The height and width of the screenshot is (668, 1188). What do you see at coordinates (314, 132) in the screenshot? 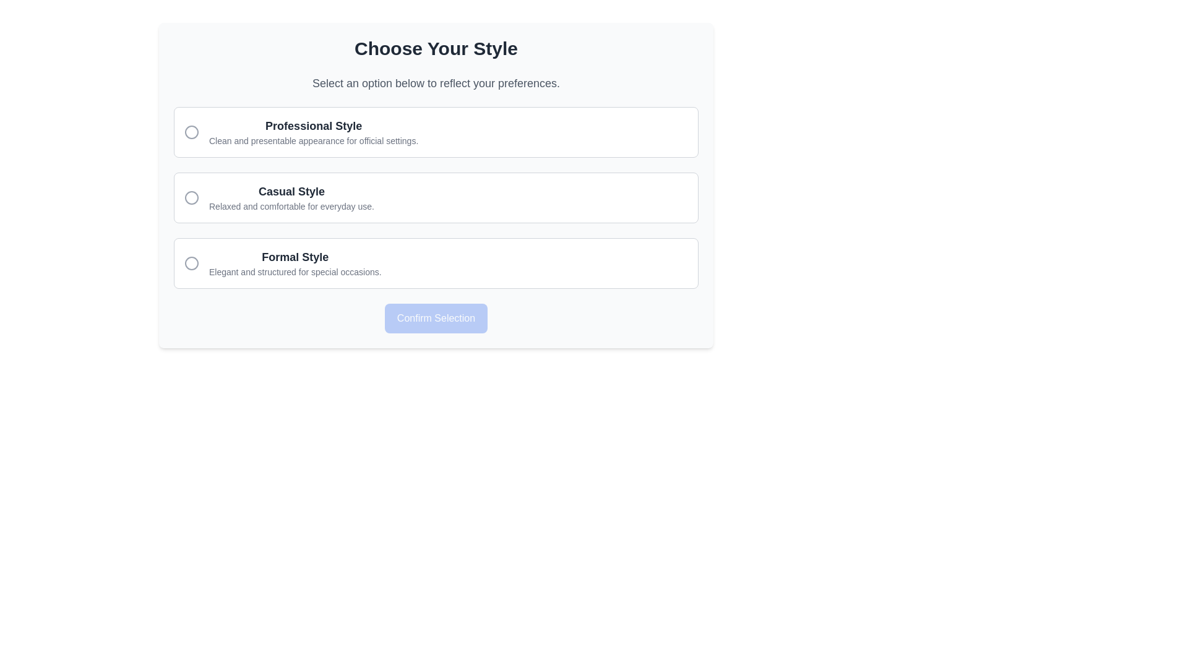
I see `the radio button option labeled 'Professional Style', which is the first option in the vertical list under 'Choose Your Style'` at bounding box center [314, 132].